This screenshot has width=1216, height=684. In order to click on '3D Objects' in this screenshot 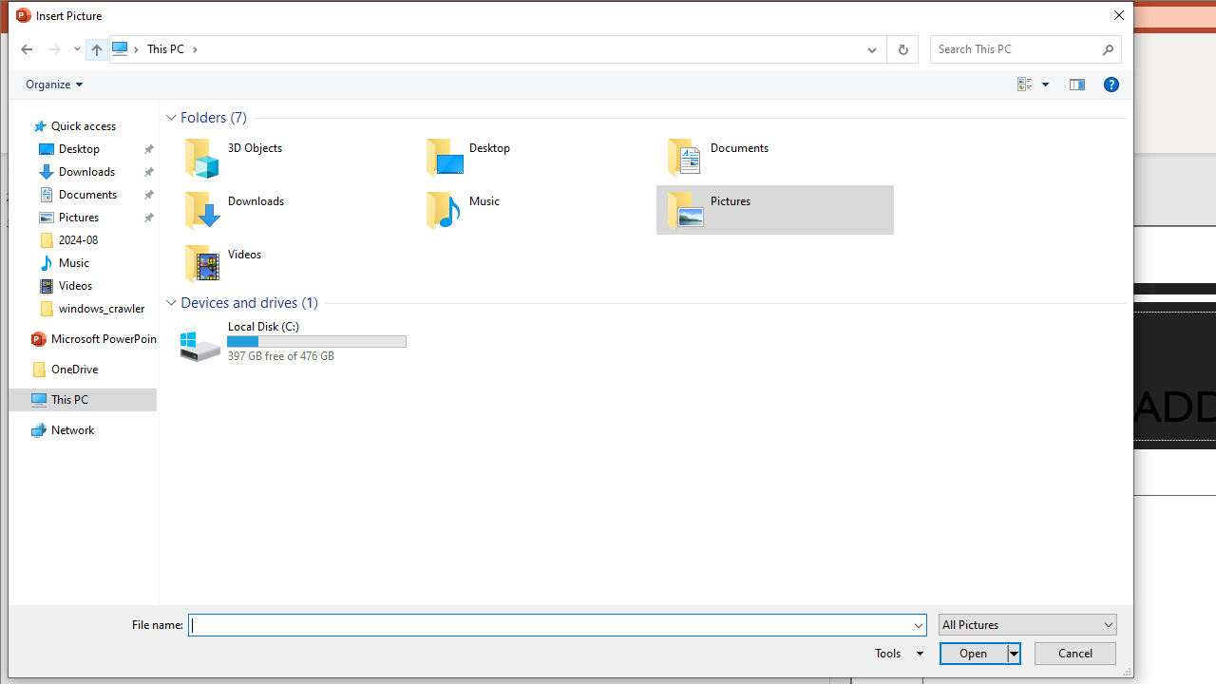, I will do `click(291, 155)`.